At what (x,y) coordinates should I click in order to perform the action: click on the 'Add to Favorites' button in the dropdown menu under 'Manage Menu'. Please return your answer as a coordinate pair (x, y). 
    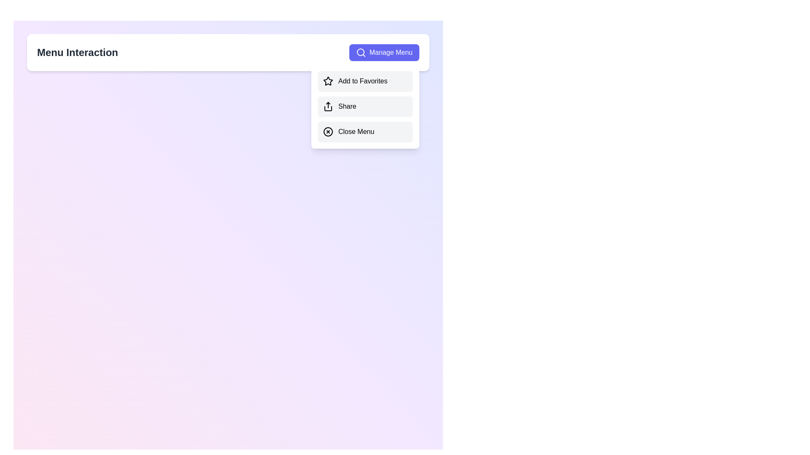
    Looking at the image, I should click on (365, 81).